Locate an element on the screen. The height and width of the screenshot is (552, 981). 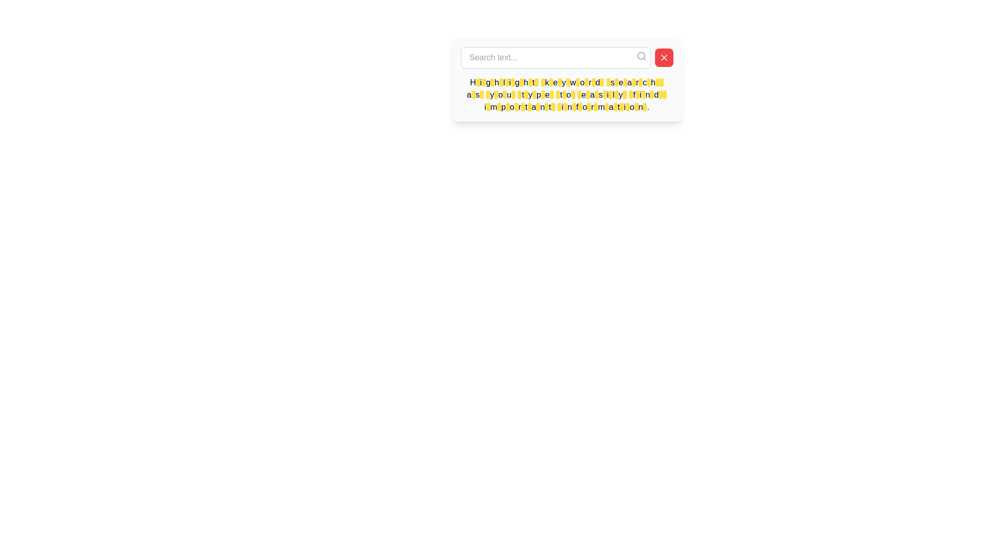
the 16th highlighted segment in the pop-up interface that emphasizes important phrases is located at coordinates (593, 82).